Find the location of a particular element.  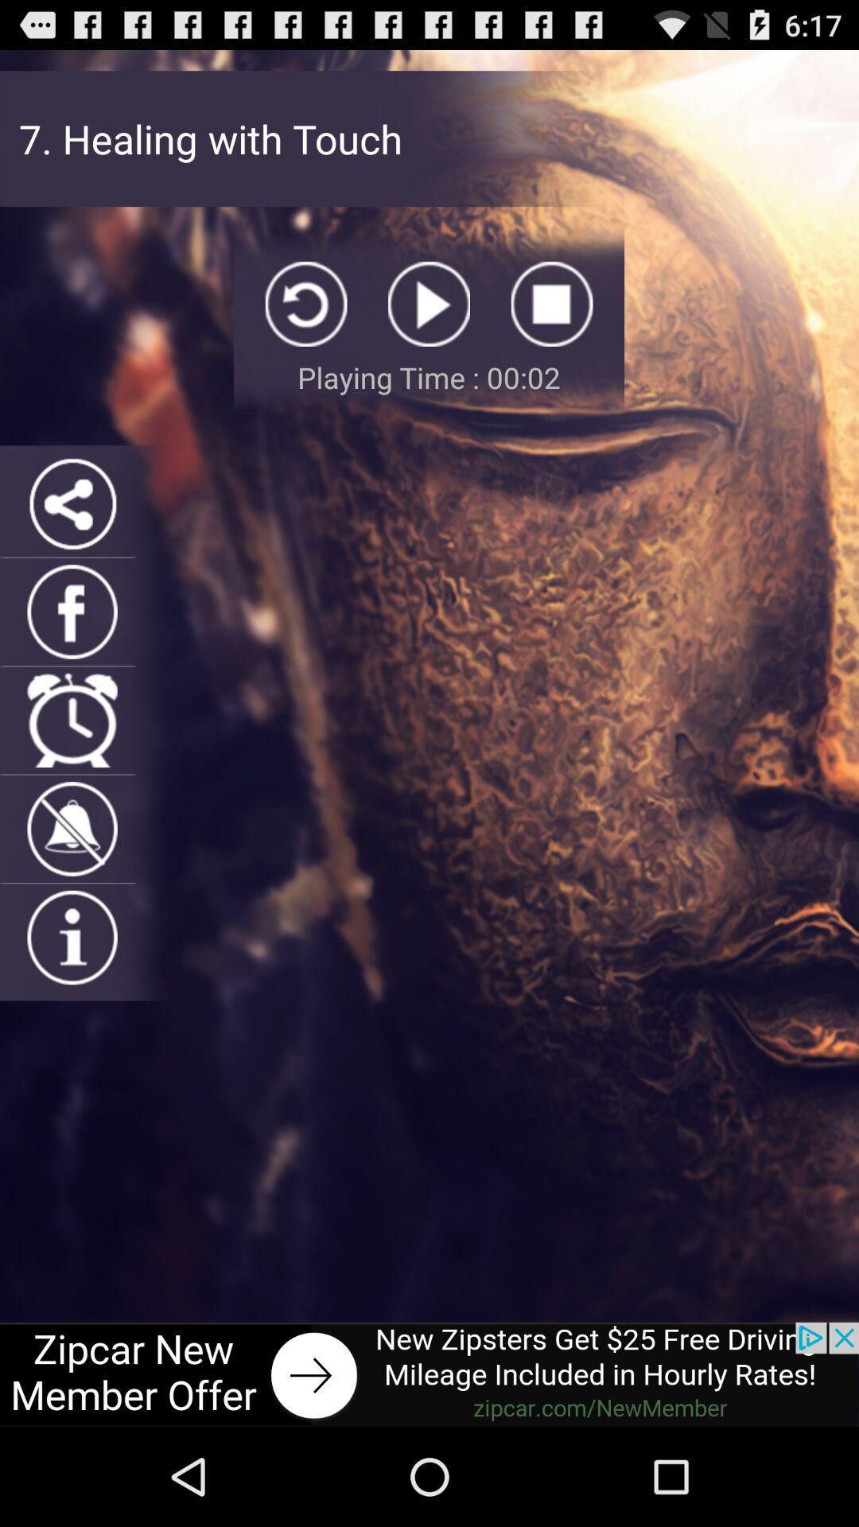

the notifications icon is located at coordinates (72, 886).